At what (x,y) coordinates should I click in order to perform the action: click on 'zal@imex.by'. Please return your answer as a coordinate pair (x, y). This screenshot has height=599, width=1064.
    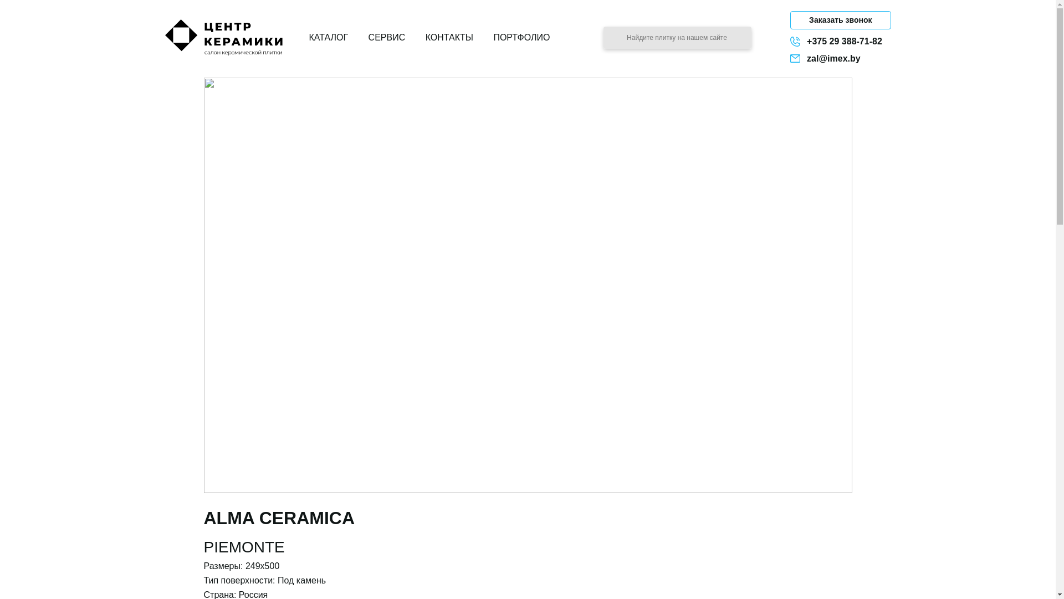
    Looking at the image, I should click on (789, 58).